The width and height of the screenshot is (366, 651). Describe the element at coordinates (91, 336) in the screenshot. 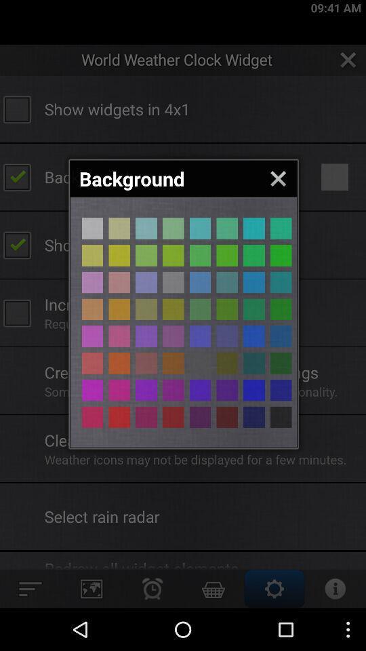

I see `pick orange background color` at that location.